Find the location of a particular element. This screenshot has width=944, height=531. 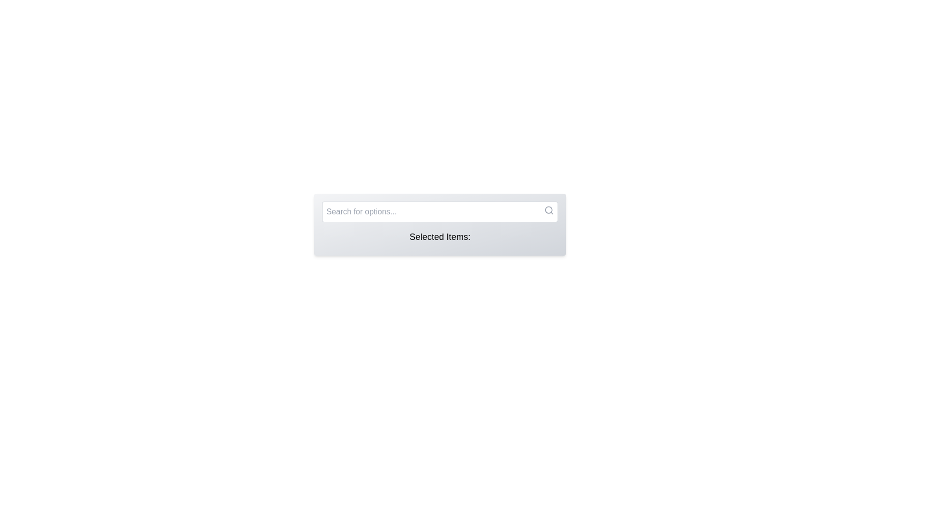

the search icon, which is a gray magnifying glass graphic located at the top-right corner of the search input field is located at coordinates (549, 210).